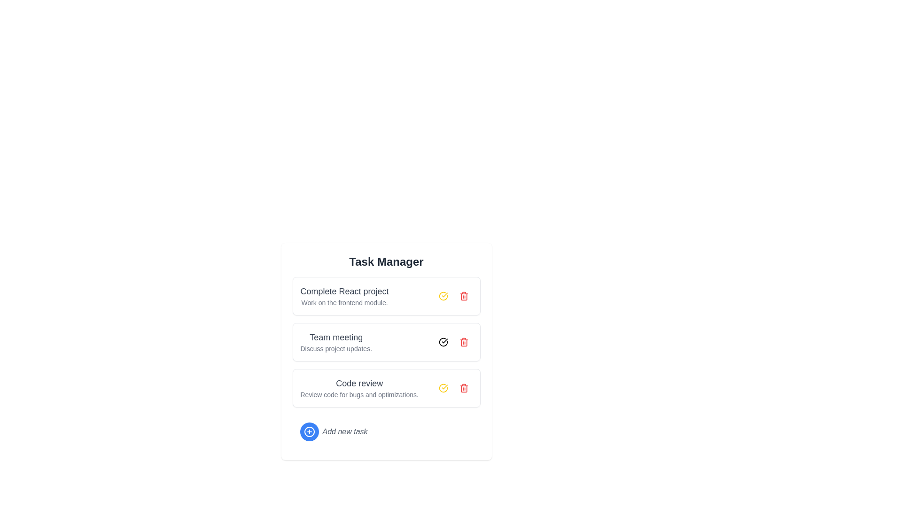 The height and width of the screenshot is (507, 902). What do you see at coordinates (443, 342) in the screenshot?
I see `the completion status icon of the 'Team meeting' task` at bounding box center [443, 342].